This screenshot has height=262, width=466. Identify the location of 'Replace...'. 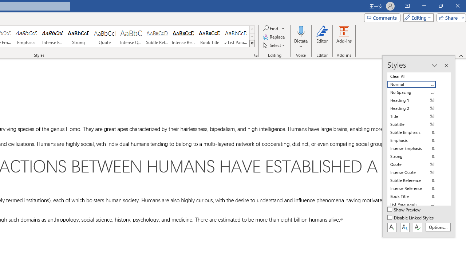
(274, 37).